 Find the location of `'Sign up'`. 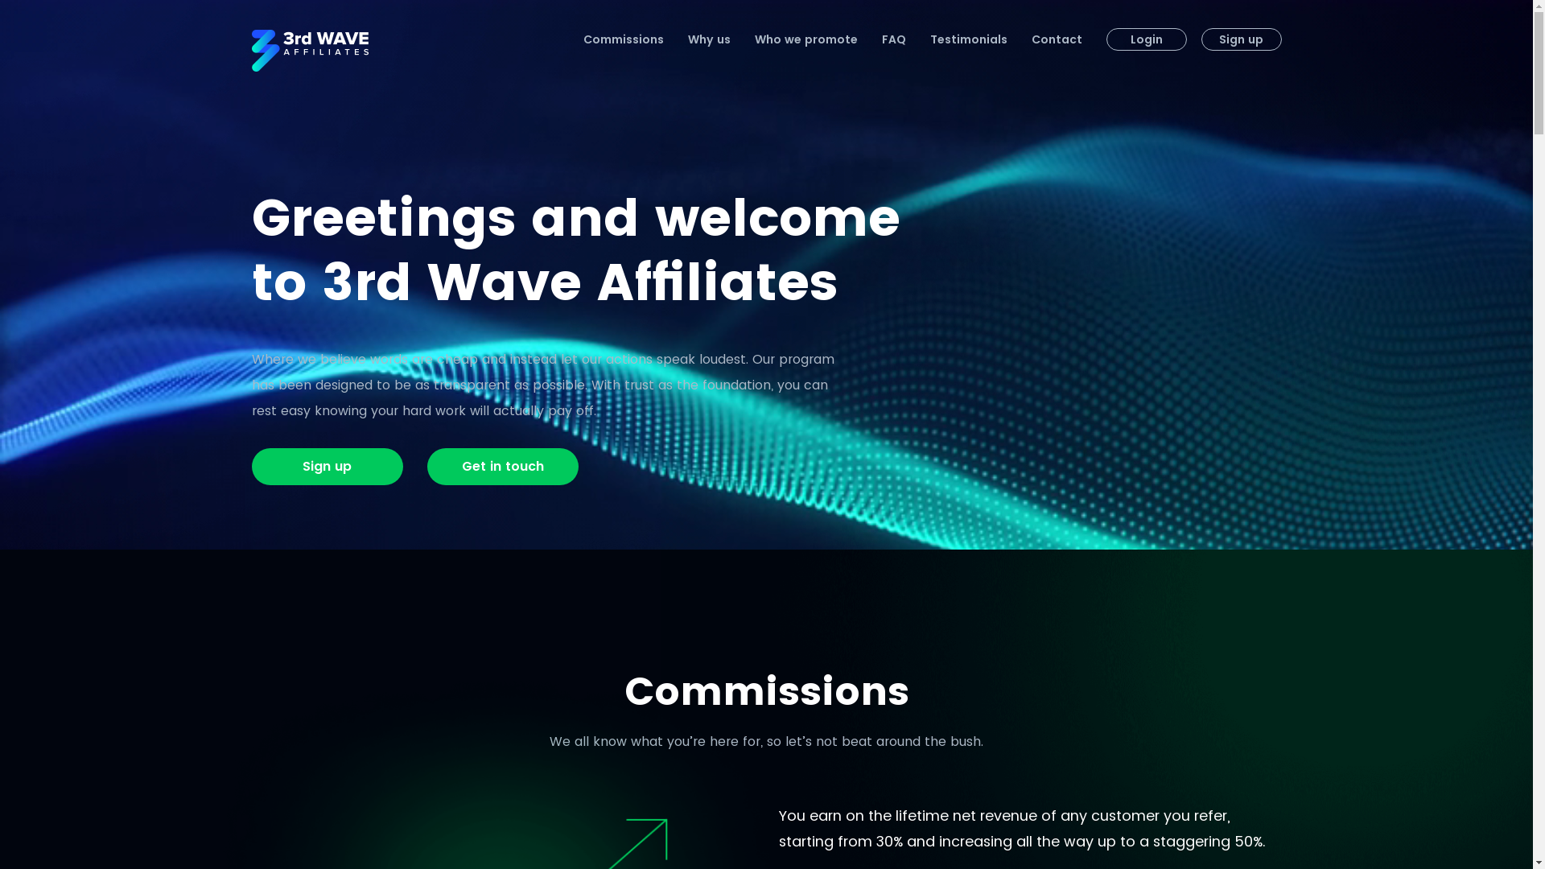

'Sign up' is located at coordinates (1201, 39).